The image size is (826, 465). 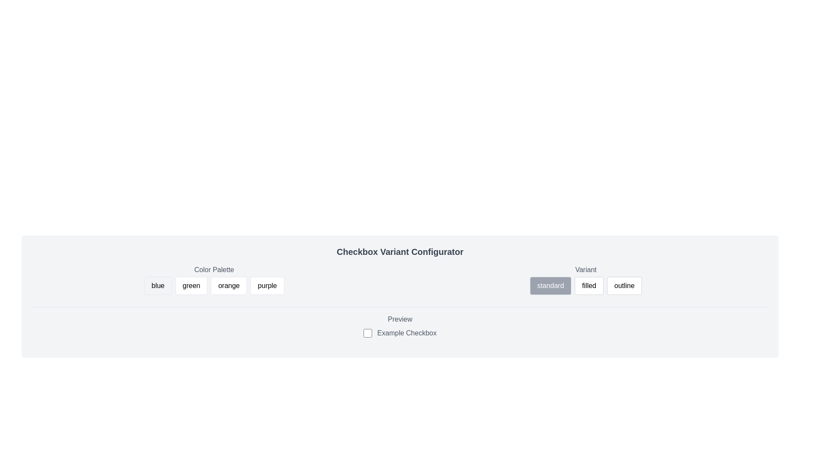 I want to click on the third button from the left, which selects the 'orange' color option in the 'Checkbox Variant Configurator' interface, so click(x=214, y=280).